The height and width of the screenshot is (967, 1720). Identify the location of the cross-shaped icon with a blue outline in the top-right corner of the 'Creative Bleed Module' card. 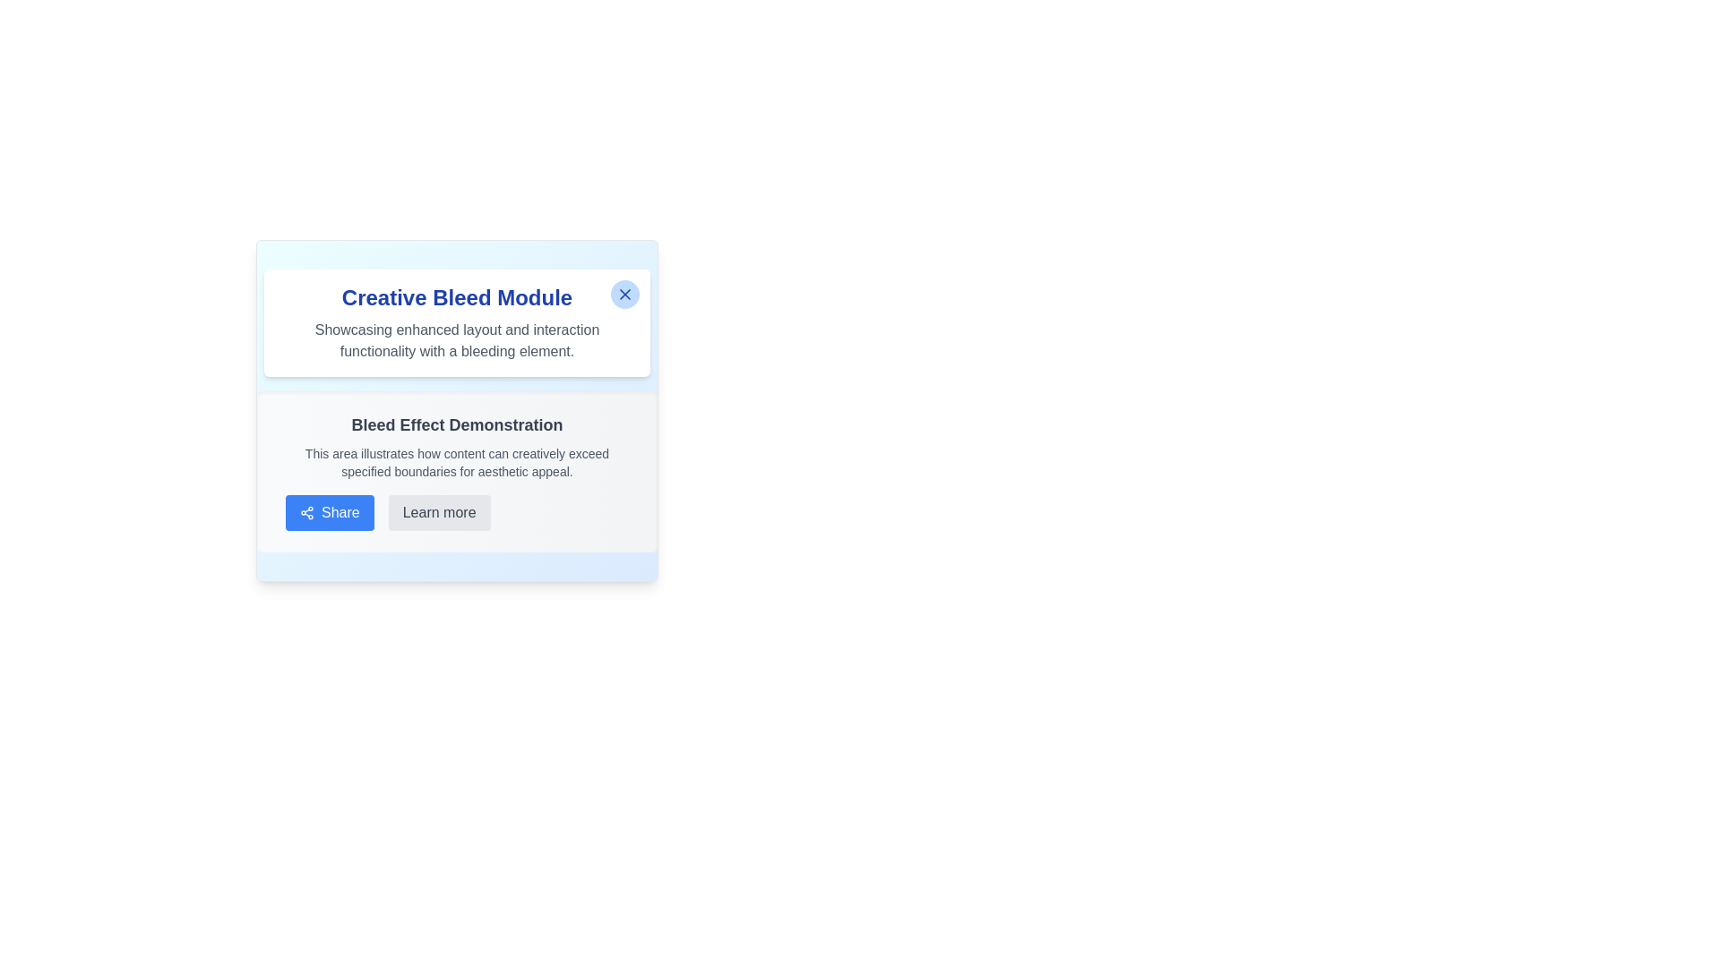
(624, 293).